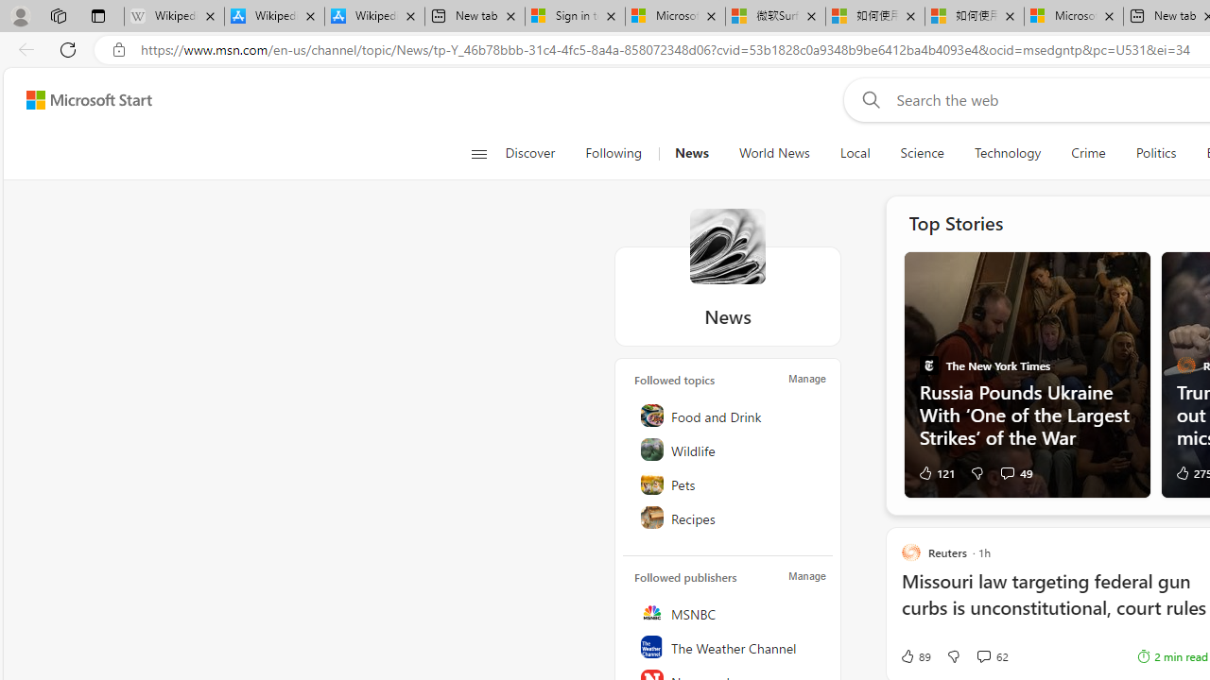  Describe the element at coordinates (20, 15) in the screenshot. I see `'Personal Profile'` at that location.